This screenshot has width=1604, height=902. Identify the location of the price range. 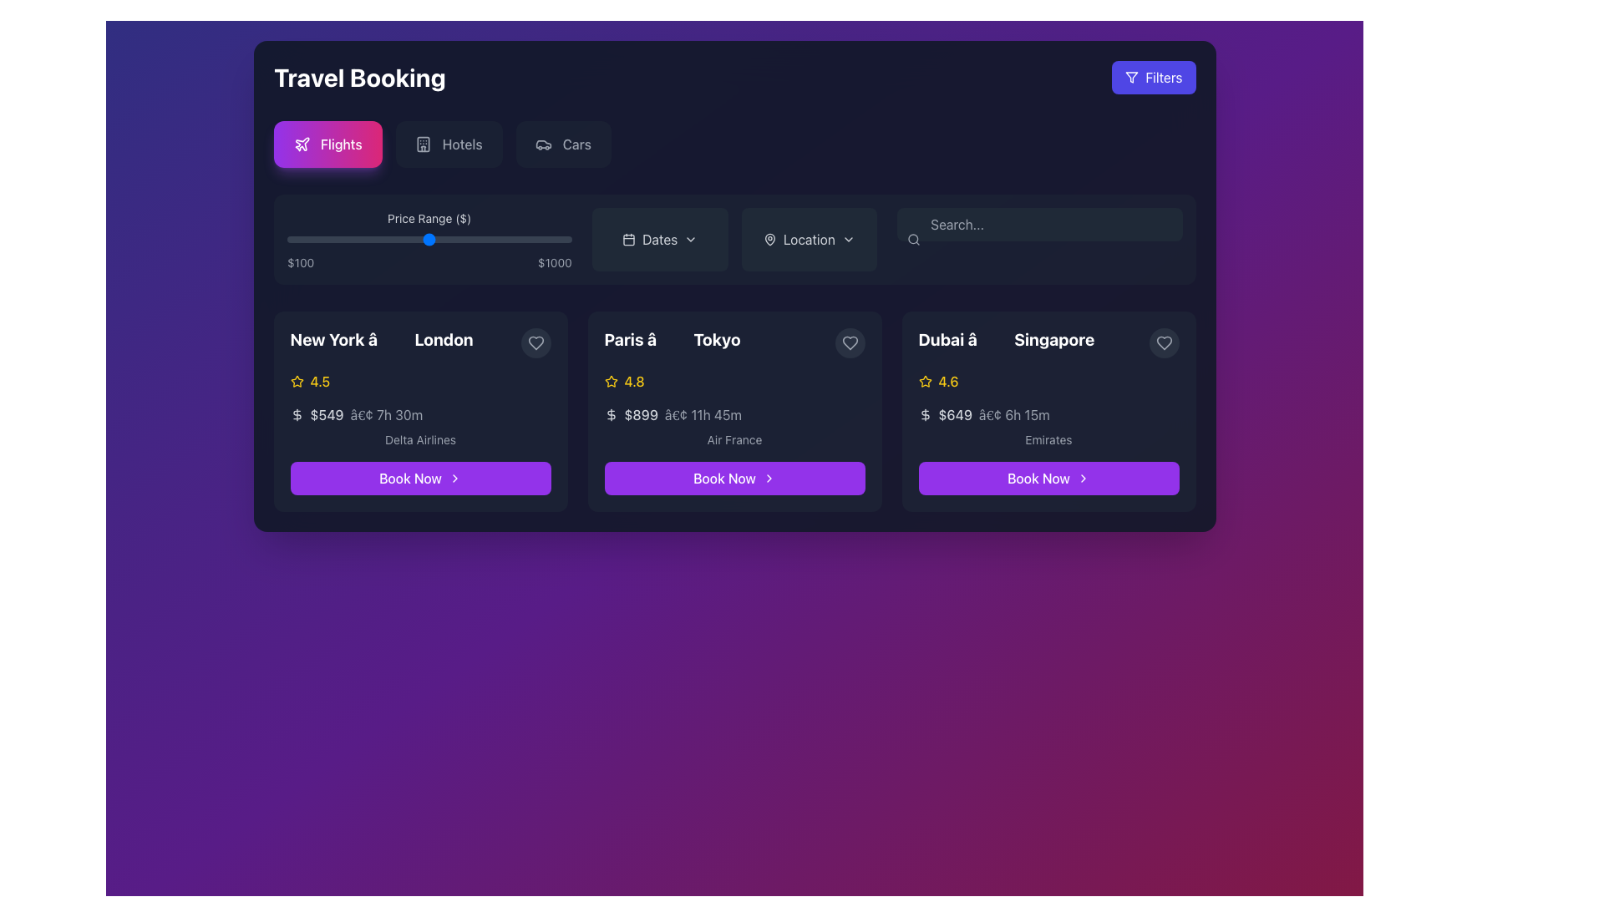
(372, 239).